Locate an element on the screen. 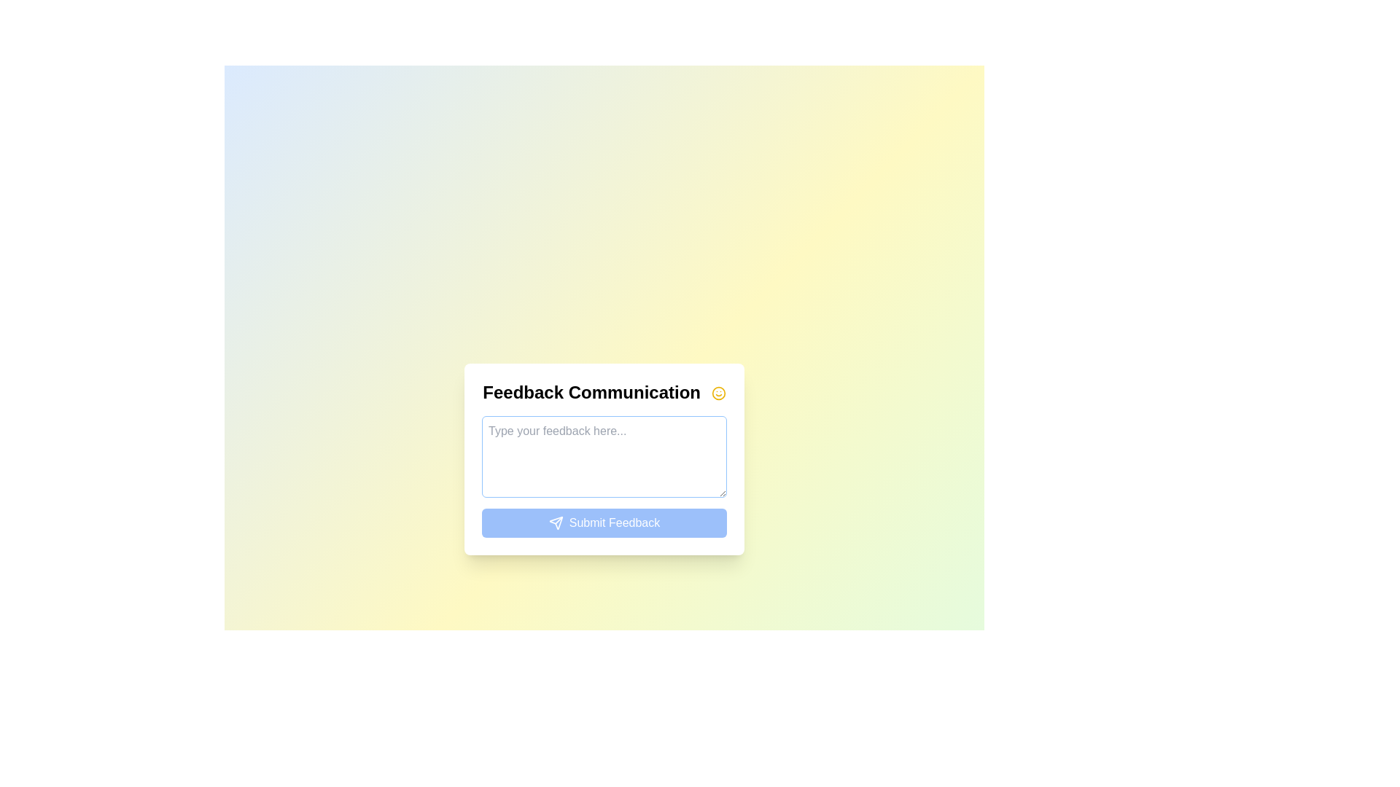  the 'Feedback Communication' header element, which is styled with a bold, large font and a dark blue-gray color, accompanied by a small yellow smiley face icon, located at the top of a white feedback card is located at coordinates (604, 391).